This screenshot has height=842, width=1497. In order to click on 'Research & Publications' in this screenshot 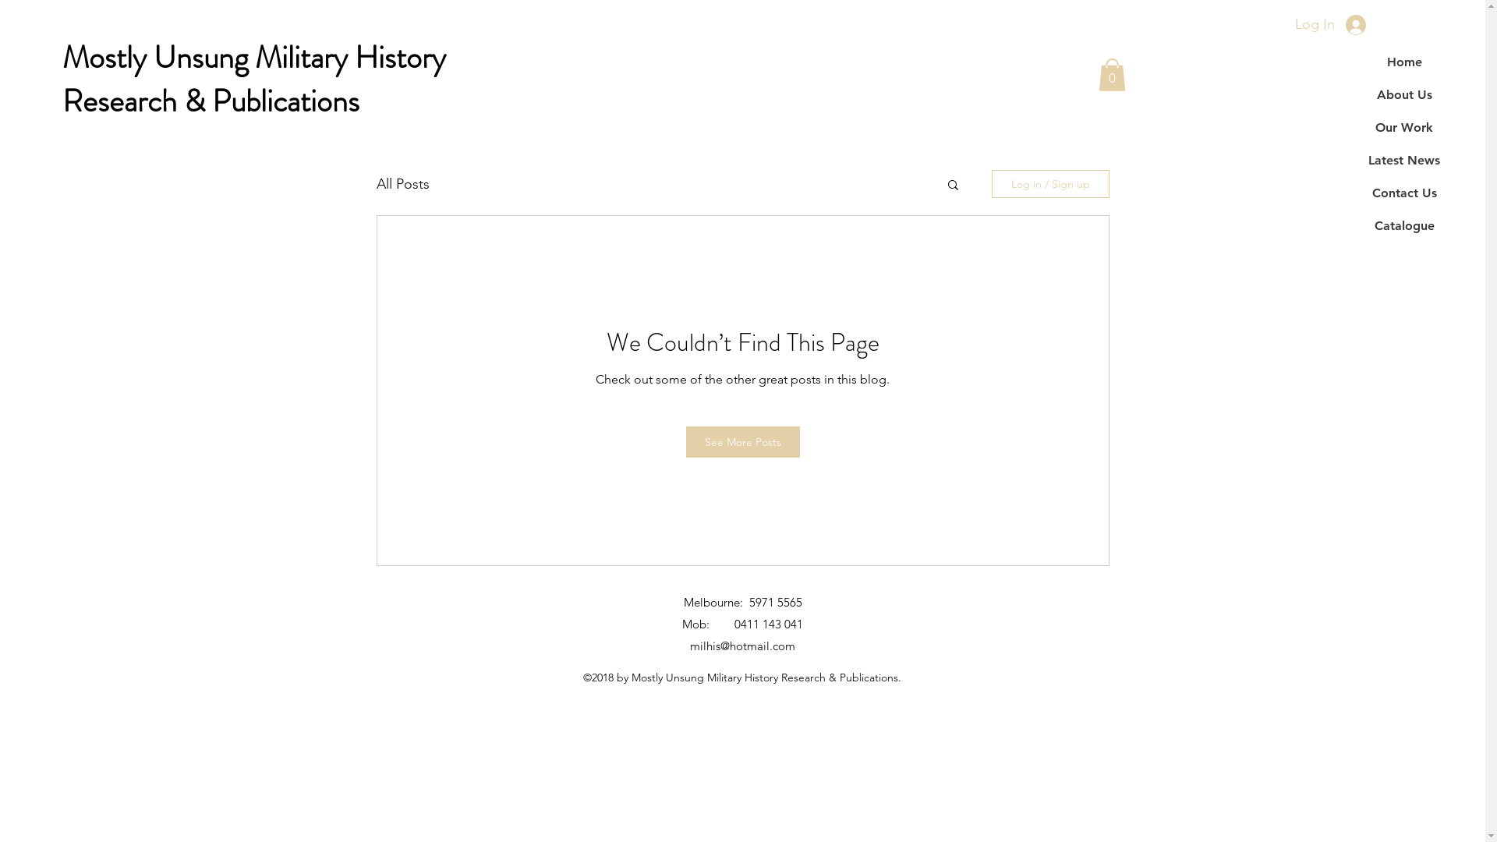, I will do `click(210, 101)`.